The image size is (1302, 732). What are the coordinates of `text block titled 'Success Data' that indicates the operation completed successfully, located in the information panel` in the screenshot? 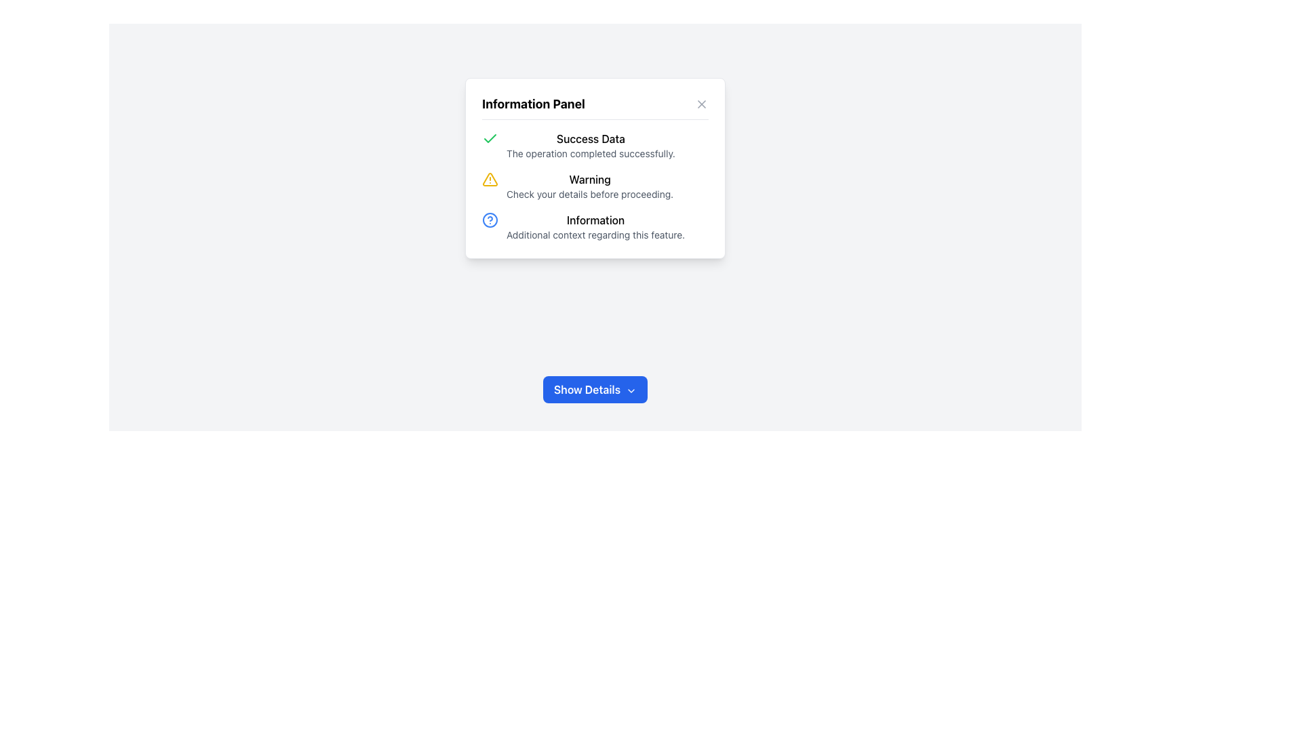 It's located at (591, 146).